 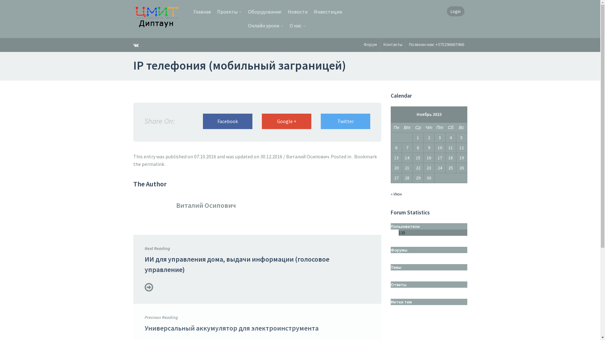 I want to click on 'permalink', so click(x=141, y=163).